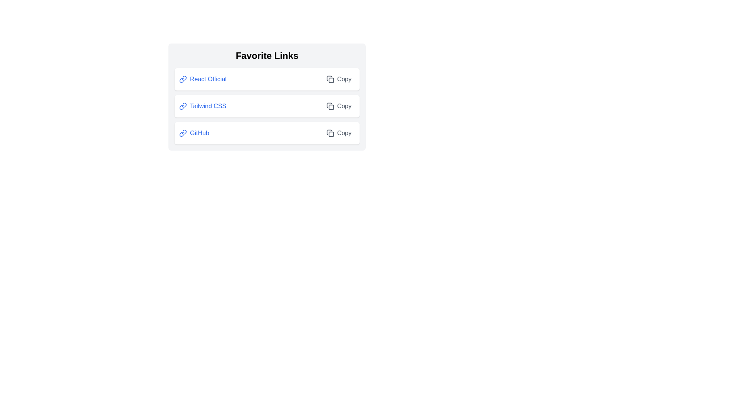 The width and height of the screenshot is (740, 416). What do you see at coordinates (339, 133) in the screenshot?
I see `the copy button located to the right of the 'GitHub' text in the 'Favorite Links' section to copy the associated text or URL` at bounding box center [339, 133].